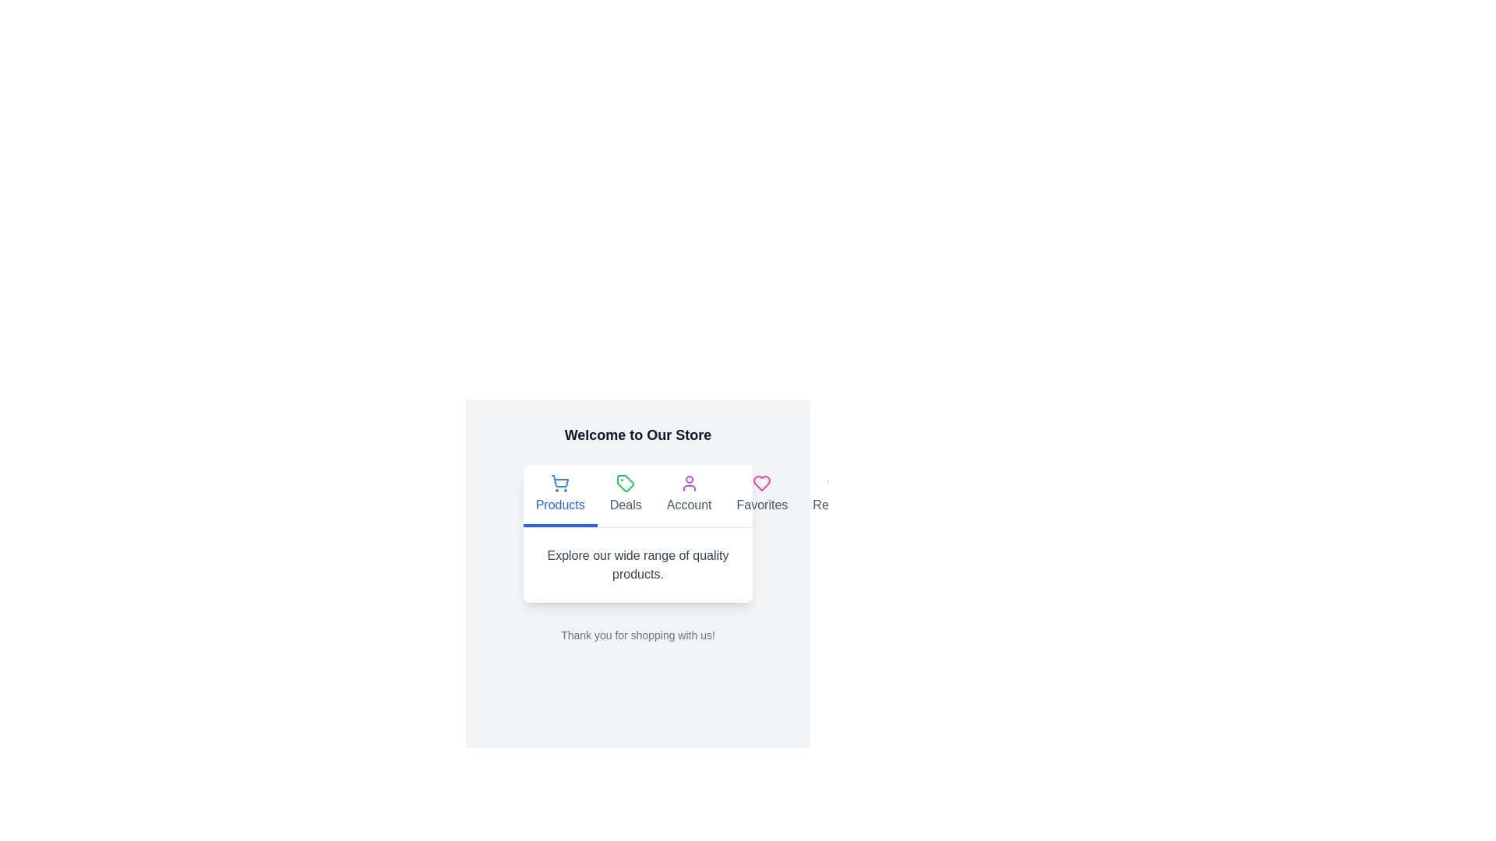 This screenshot has width=1496, height=841. I want to click on the 'Account' text label located beneath the user figure icon in the navigation menu, so click(688, 505).